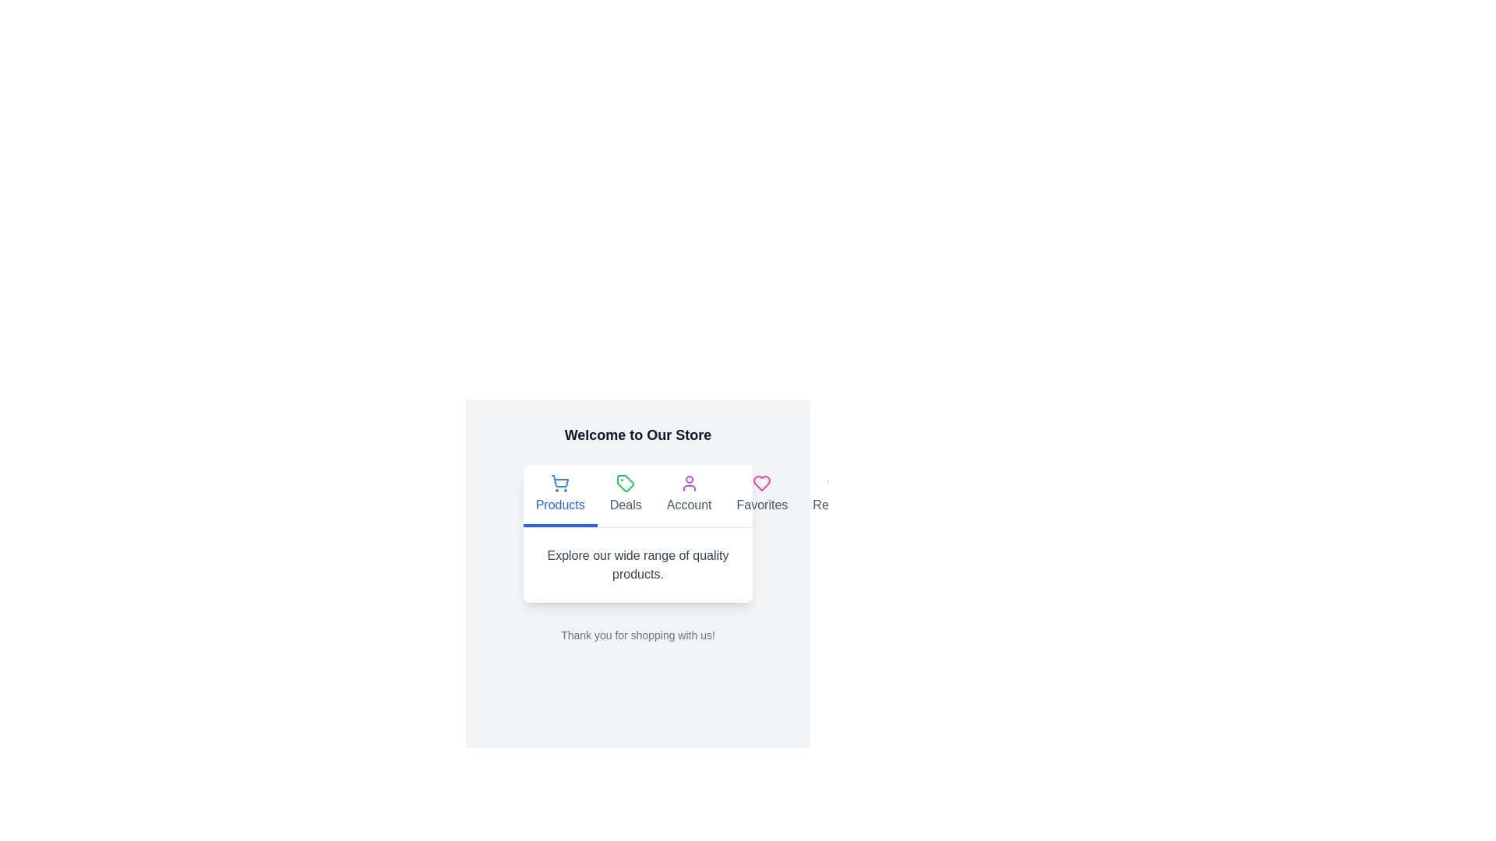 This screenshot has width=1496, height=841. I want to click on the 'Account' text label located beneath the user figure icon in the navigation menu, so click(688, 505).